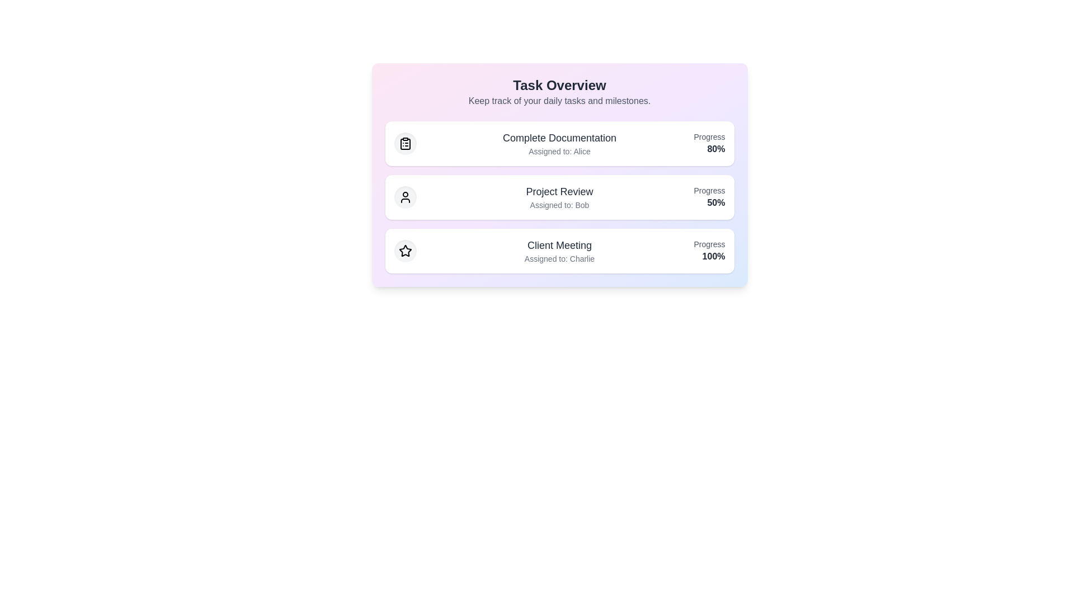 This screenshot has width=1074, height=604. I want to click on the task item corresponding to Project Review, so click(559, 197).